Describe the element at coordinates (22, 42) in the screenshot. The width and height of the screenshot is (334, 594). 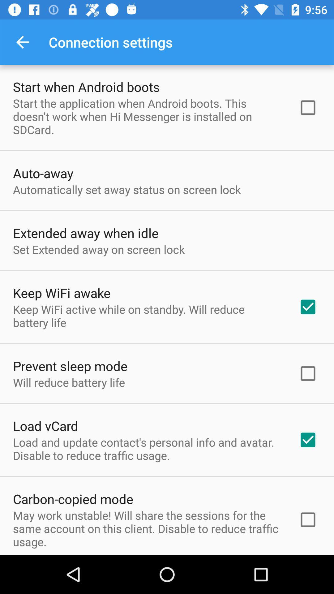
I see `the app to the left of connection settings` at that location.